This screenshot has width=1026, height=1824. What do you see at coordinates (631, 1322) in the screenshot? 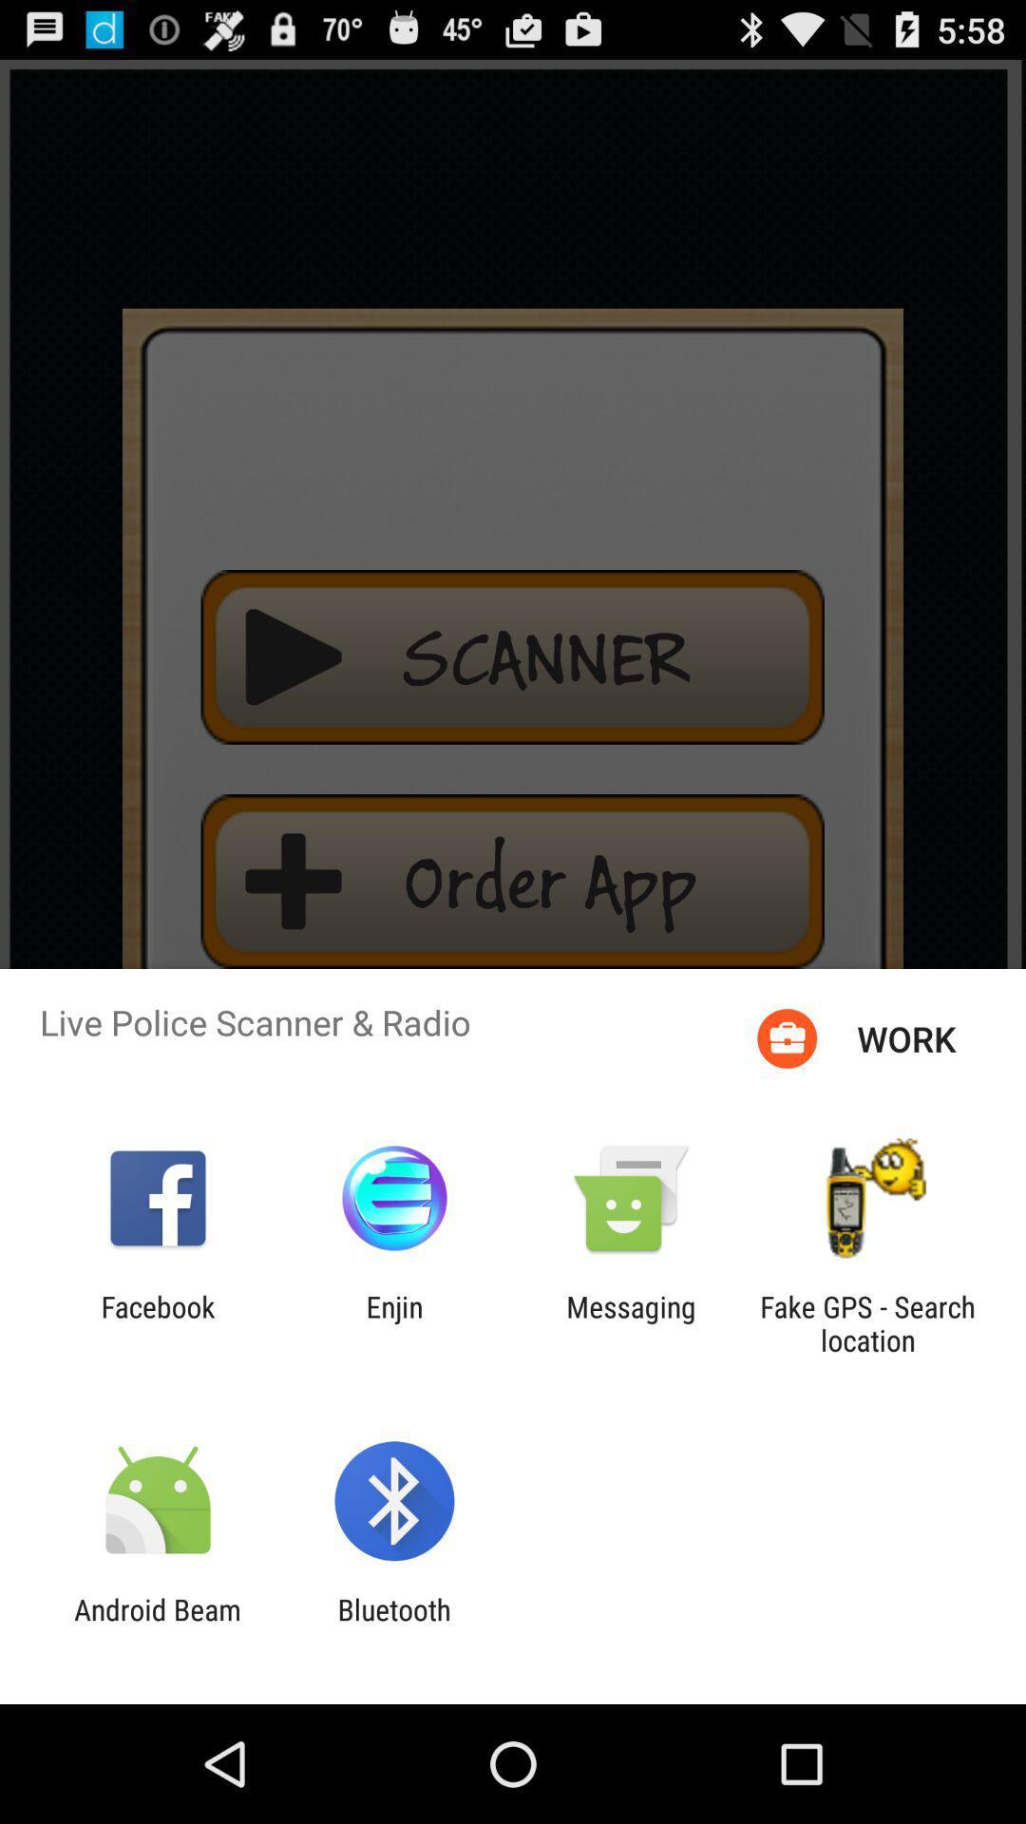
I see `icon to the left of the fake gps search app` at bounding box center [631, 1322].